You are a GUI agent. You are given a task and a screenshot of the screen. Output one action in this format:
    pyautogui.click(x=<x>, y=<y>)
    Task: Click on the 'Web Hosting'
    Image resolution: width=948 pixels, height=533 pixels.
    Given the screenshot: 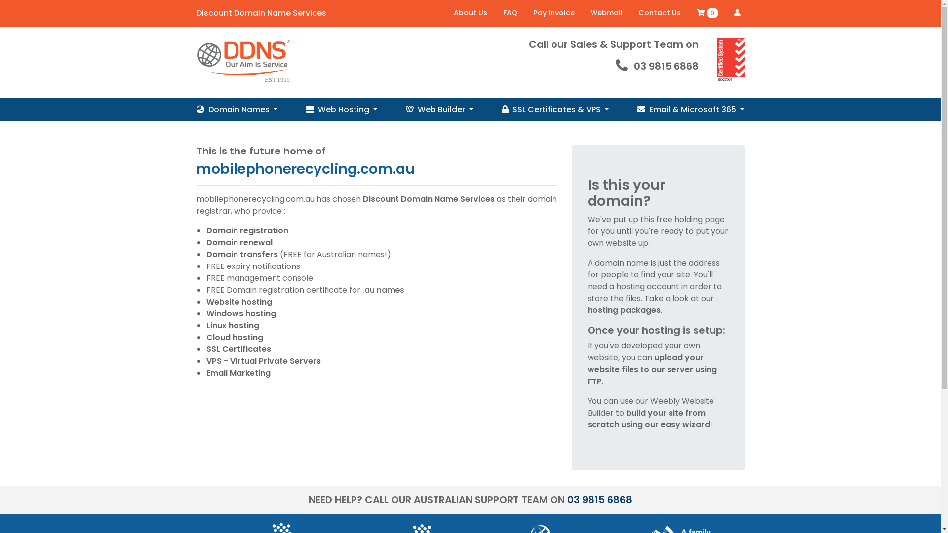 What is the action you would take?
    pyautogui.click(x=305, y=110)
    